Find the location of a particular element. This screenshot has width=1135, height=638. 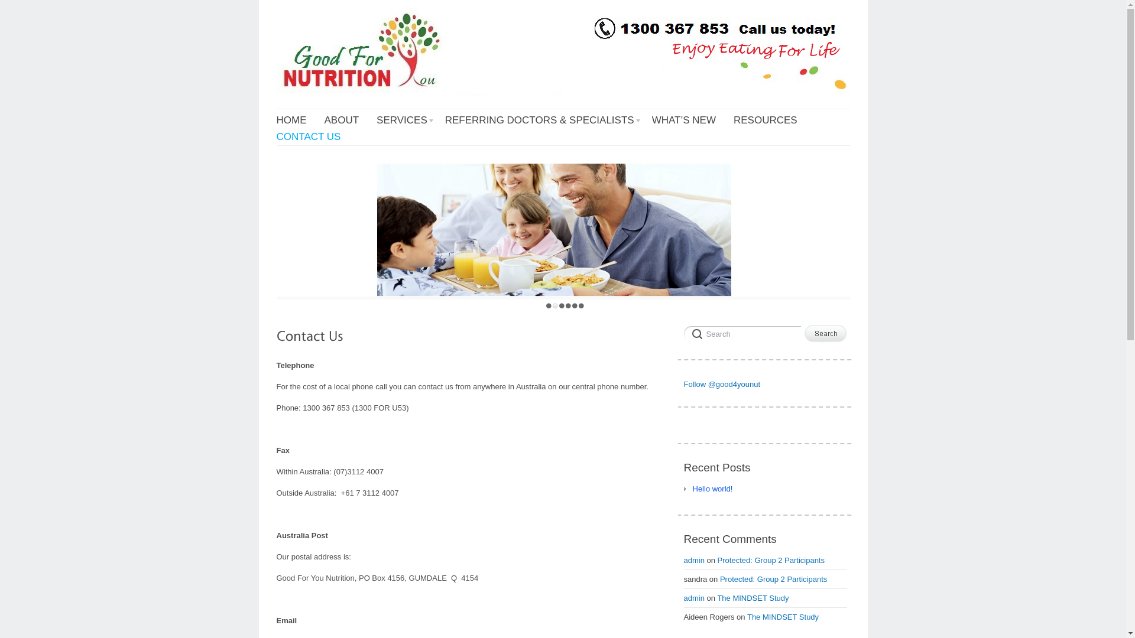

'Follow @good4younut' is located at coordinates (721, 384).